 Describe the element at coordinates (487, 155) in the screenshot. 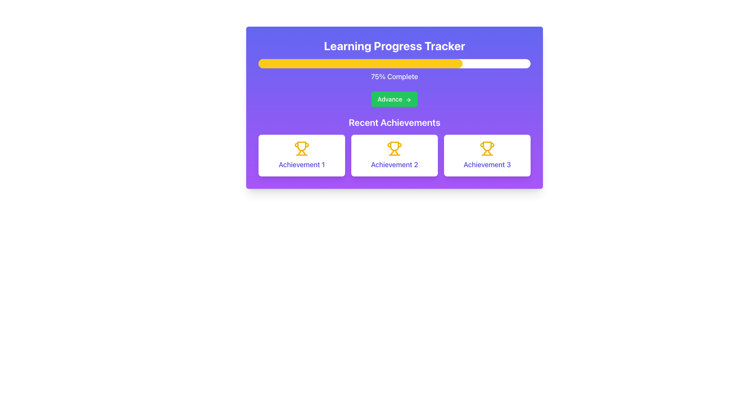

I see `title and icon of the third achievement summary card in the 'Recent Achievements' section, located at the bottom-right corner of the purple background card` at that location.